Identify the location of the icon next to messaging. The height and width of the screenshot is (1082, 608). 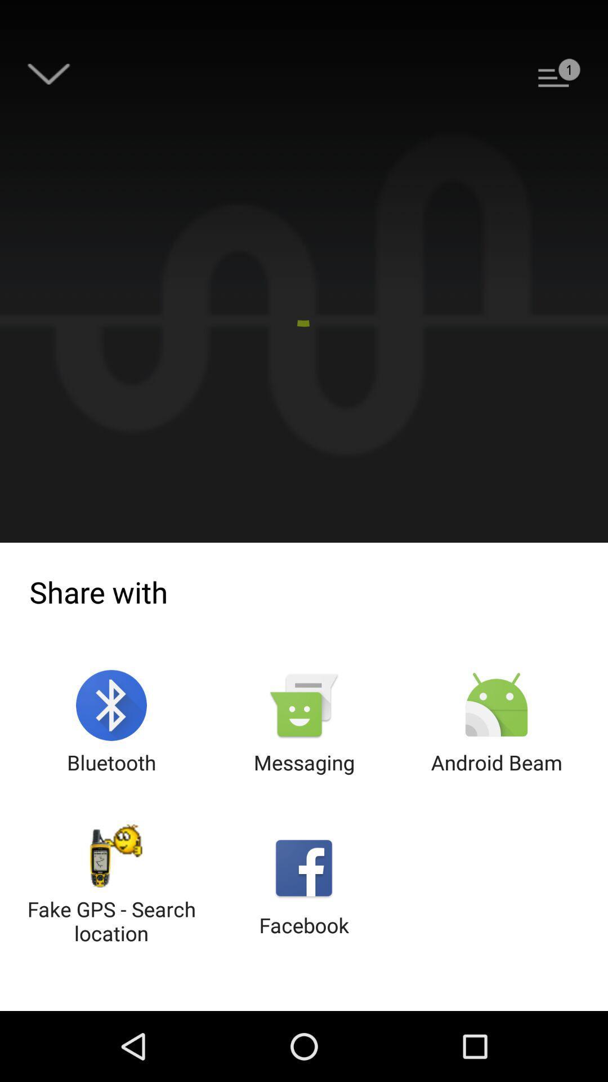
(496, 723).